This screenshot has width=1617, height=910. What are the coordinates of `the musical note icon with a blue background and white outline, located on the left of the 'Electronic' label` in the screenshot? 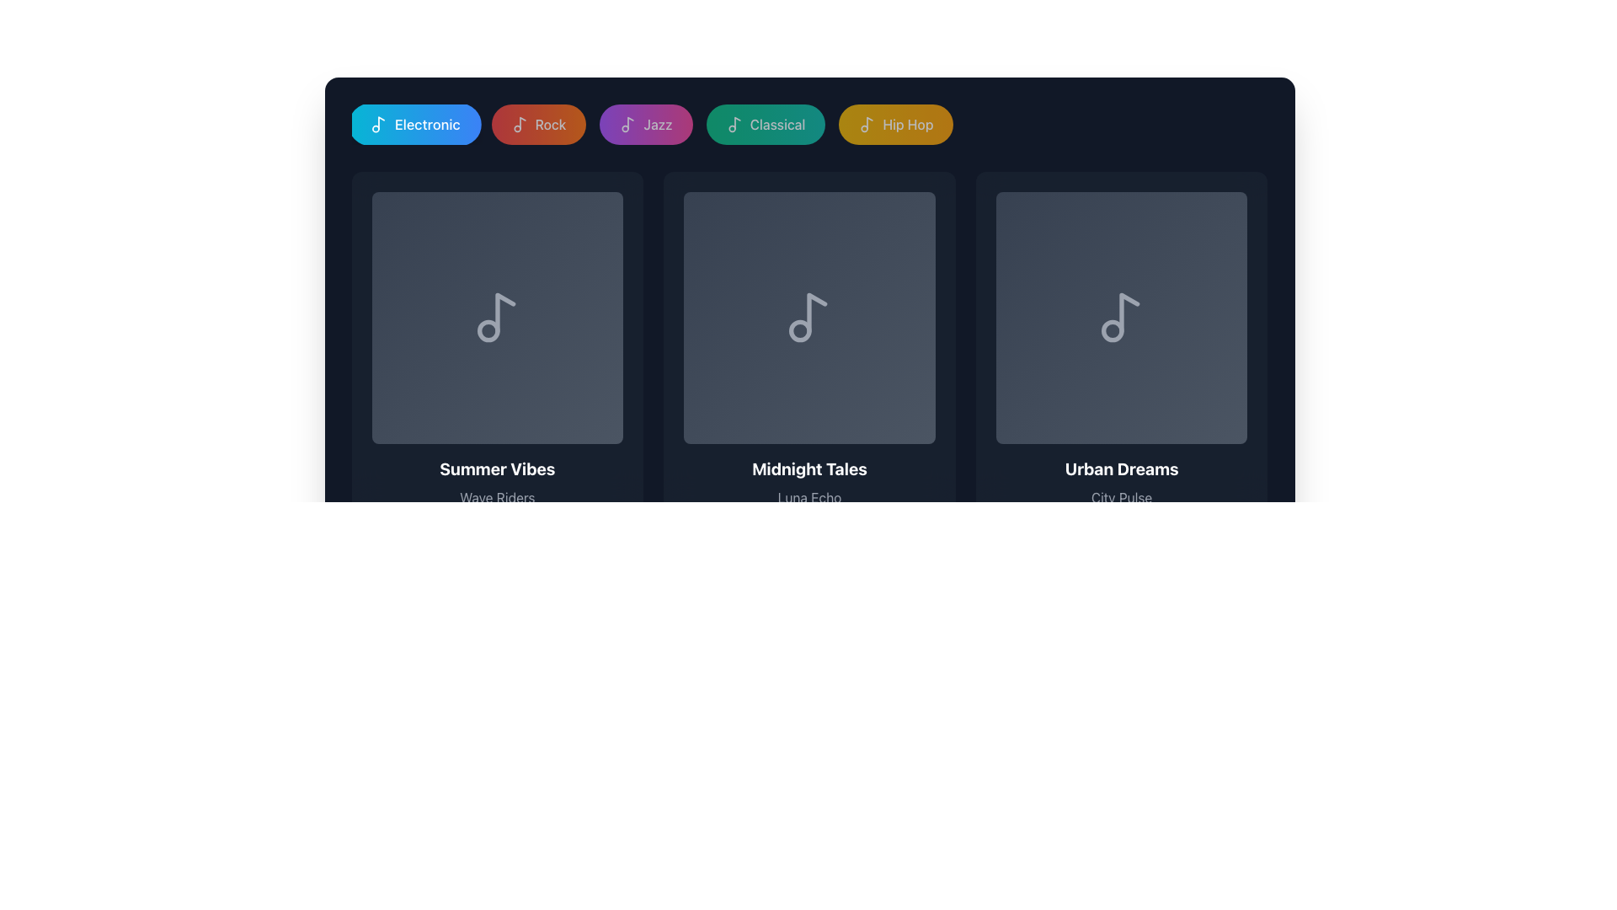 It's located at (377, 123).